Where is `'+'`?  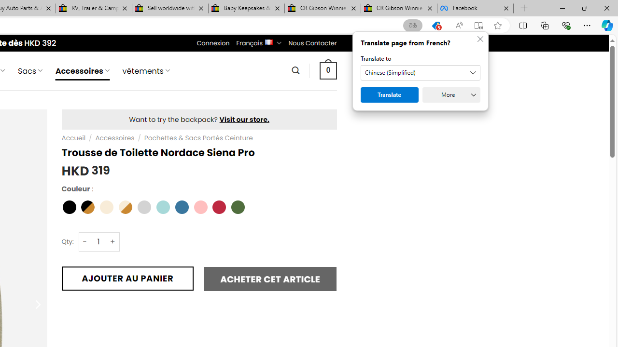 '+' is located at coordinates (113, 241).